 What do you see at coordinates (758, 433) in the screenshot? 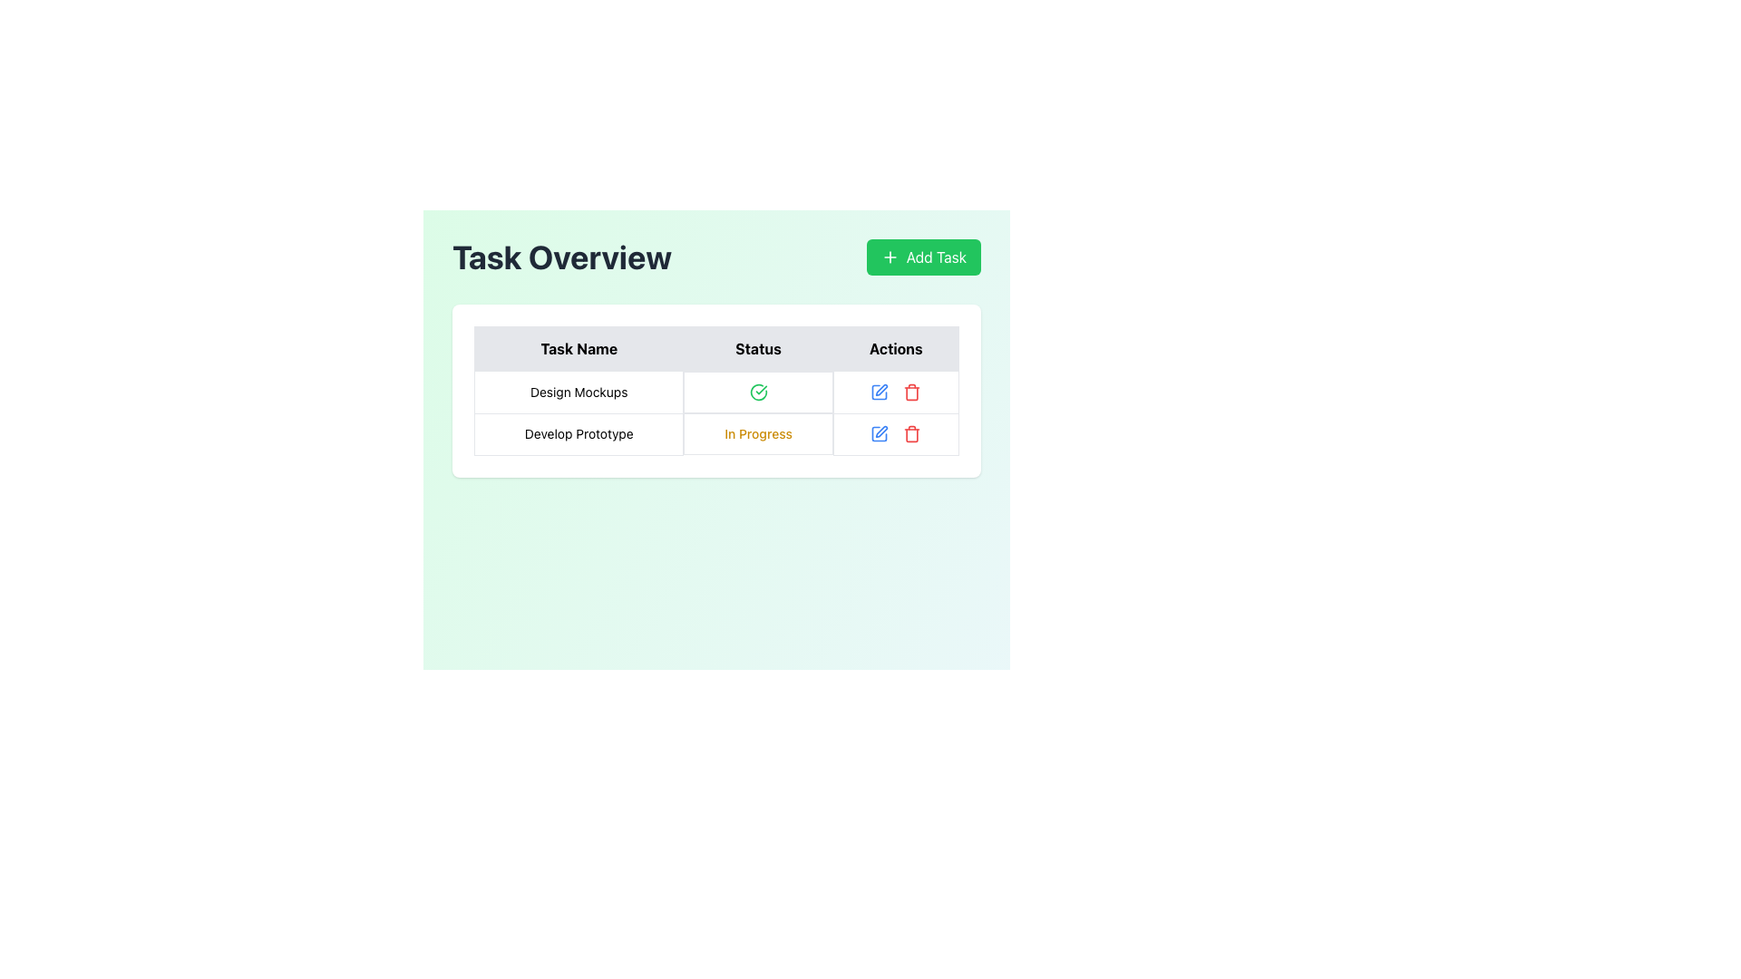
I see `the Text Label indicating the status of the task 'Develop Prototype' in the 'Task Overview' table, located in the second row under the 'Status' column` at bounding box center [758, 433].